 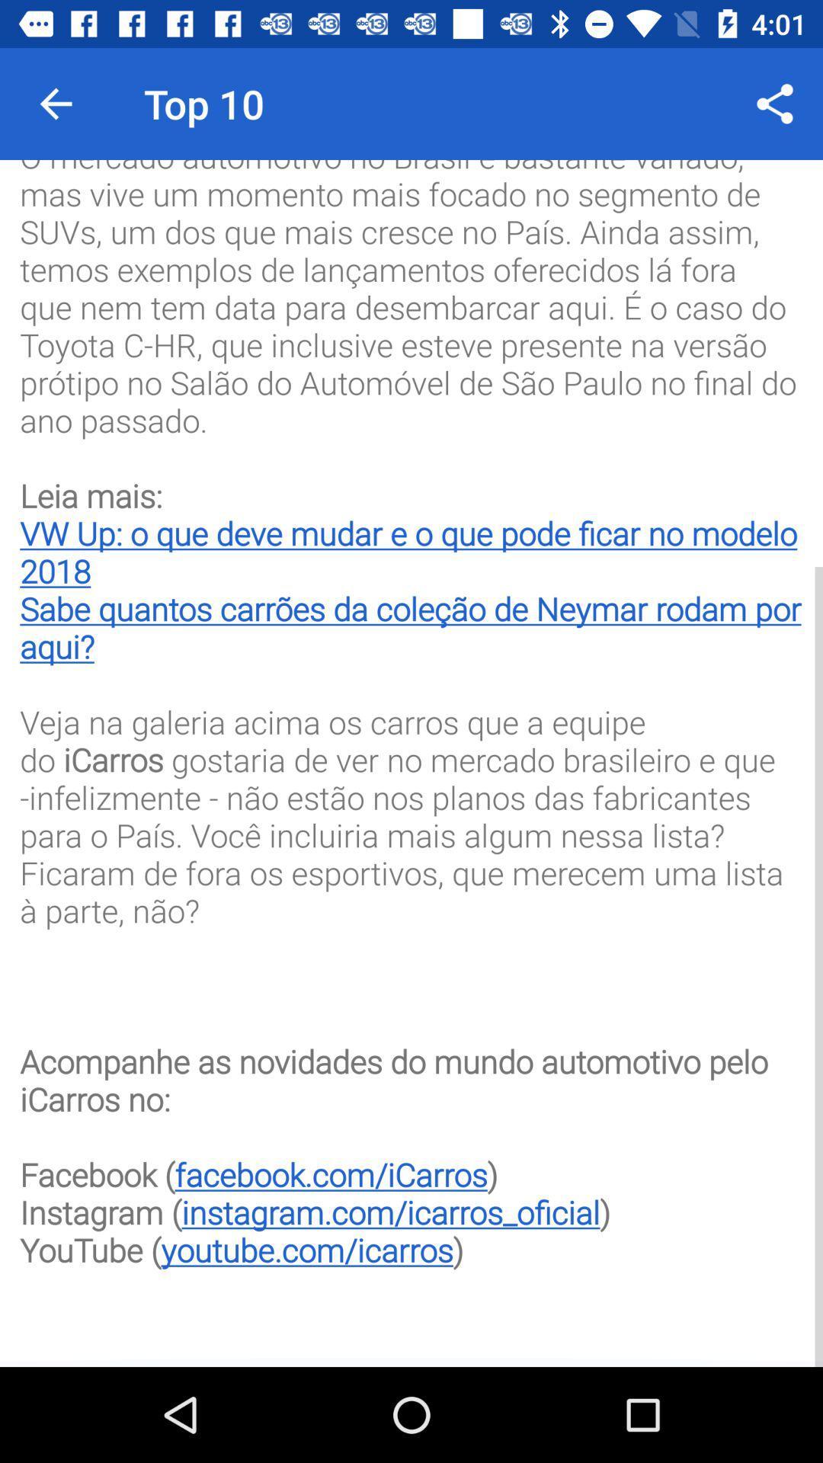 What do you see at coordinates (775, 103) in the screenshot?
I see `item next to the top 10 icon` at bounding box center [775, 103].